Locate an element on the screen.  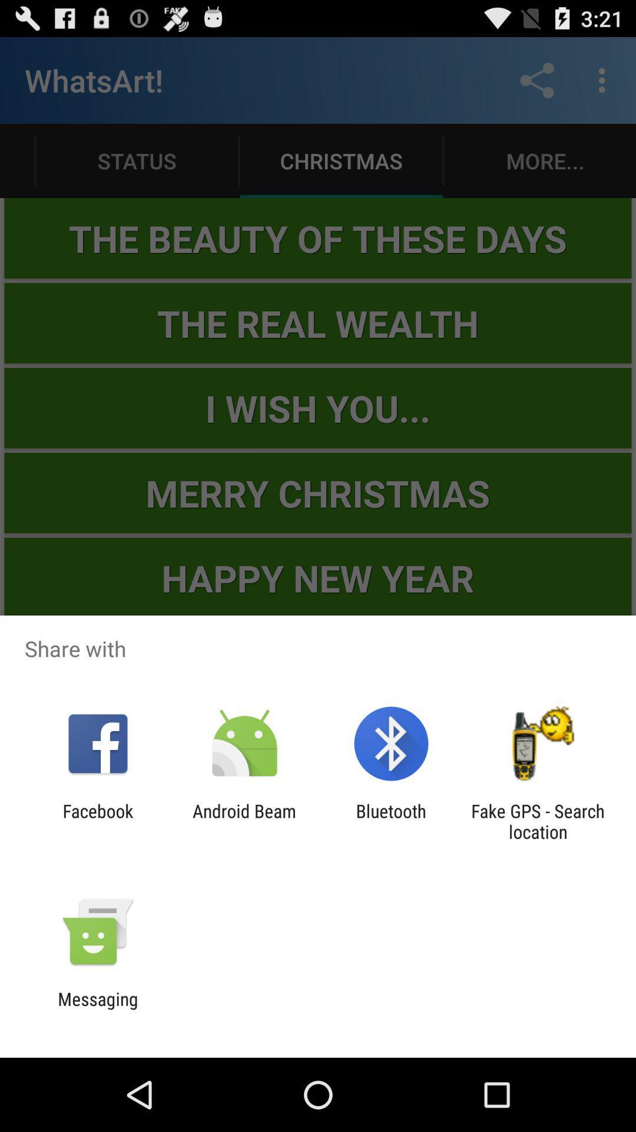
item next to facebook icon is located at coordinates (244, 821).